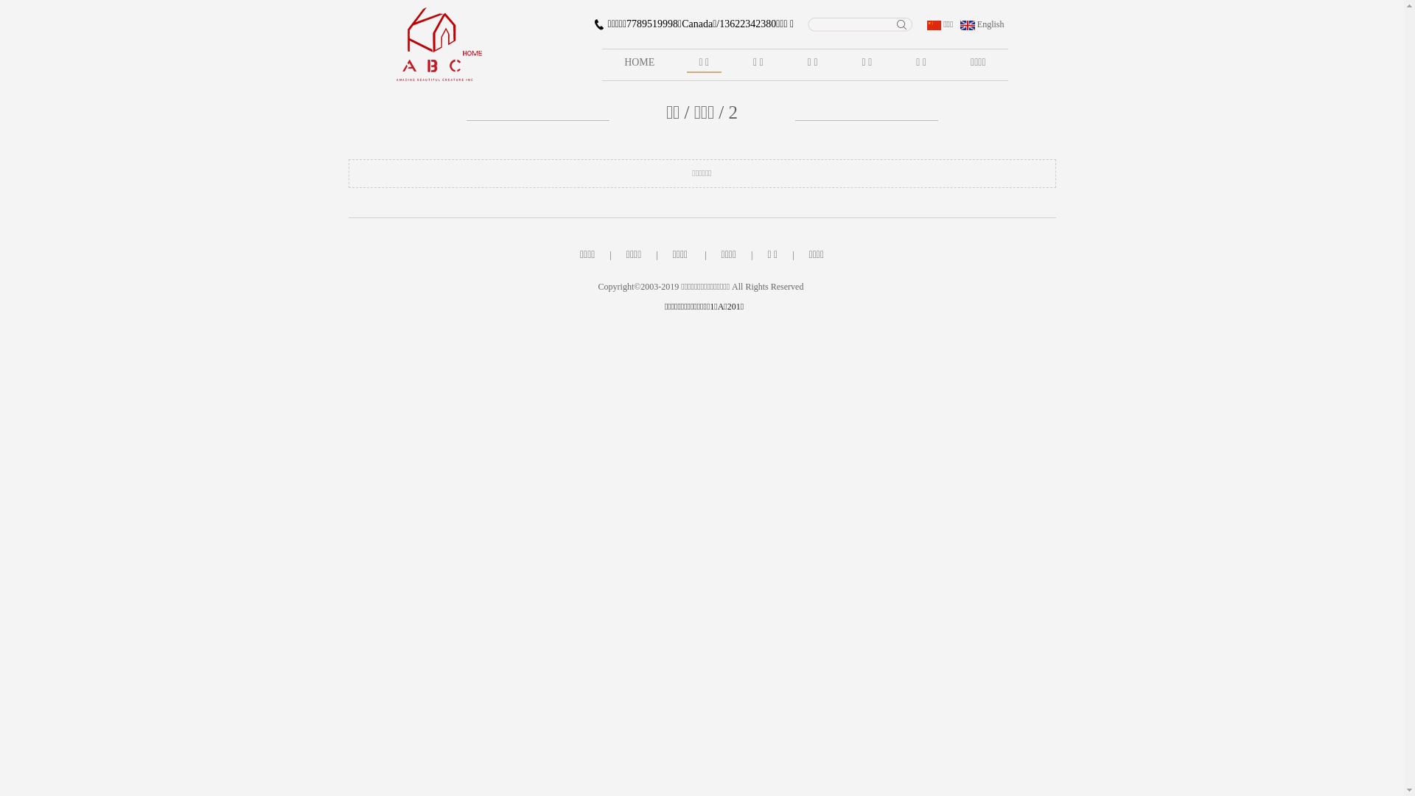 The height and width of the screenshot is (796, 1415). I want to click on '2', so click(733, 111).